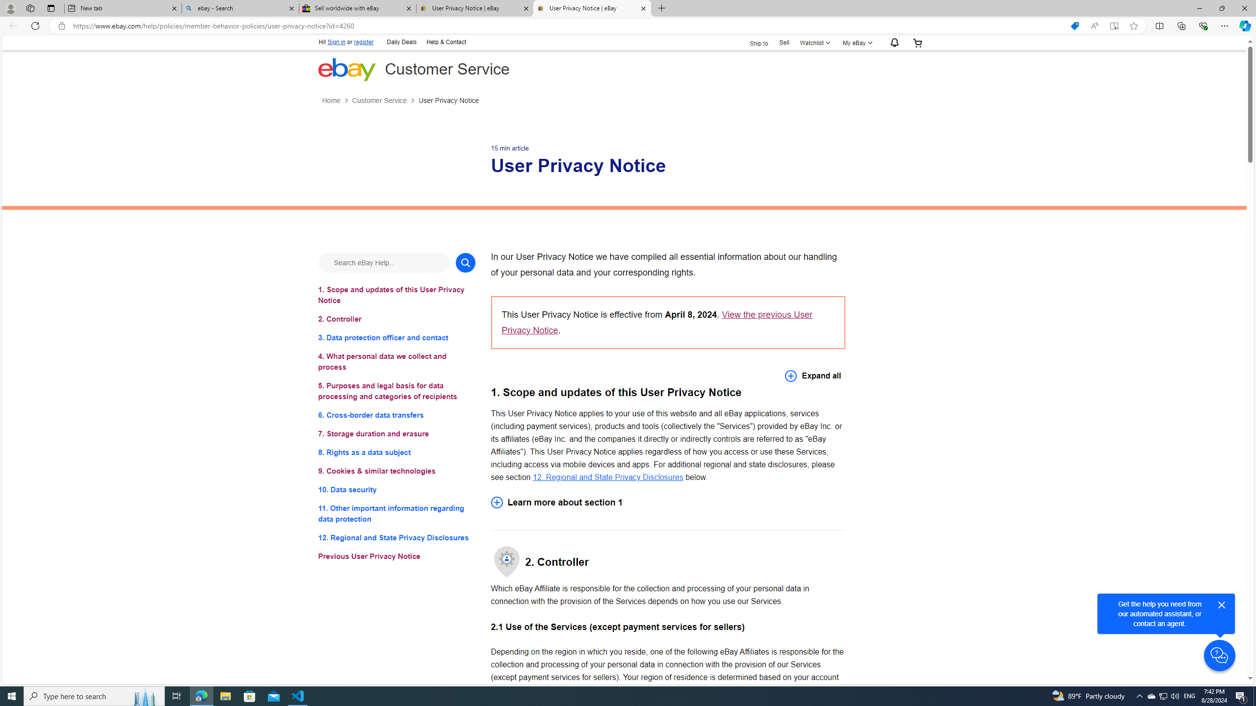 The image size is (1256, 706). Describe the element at coordinates (336, 42) in the screenshot. I see `'Sign in'` at that location.